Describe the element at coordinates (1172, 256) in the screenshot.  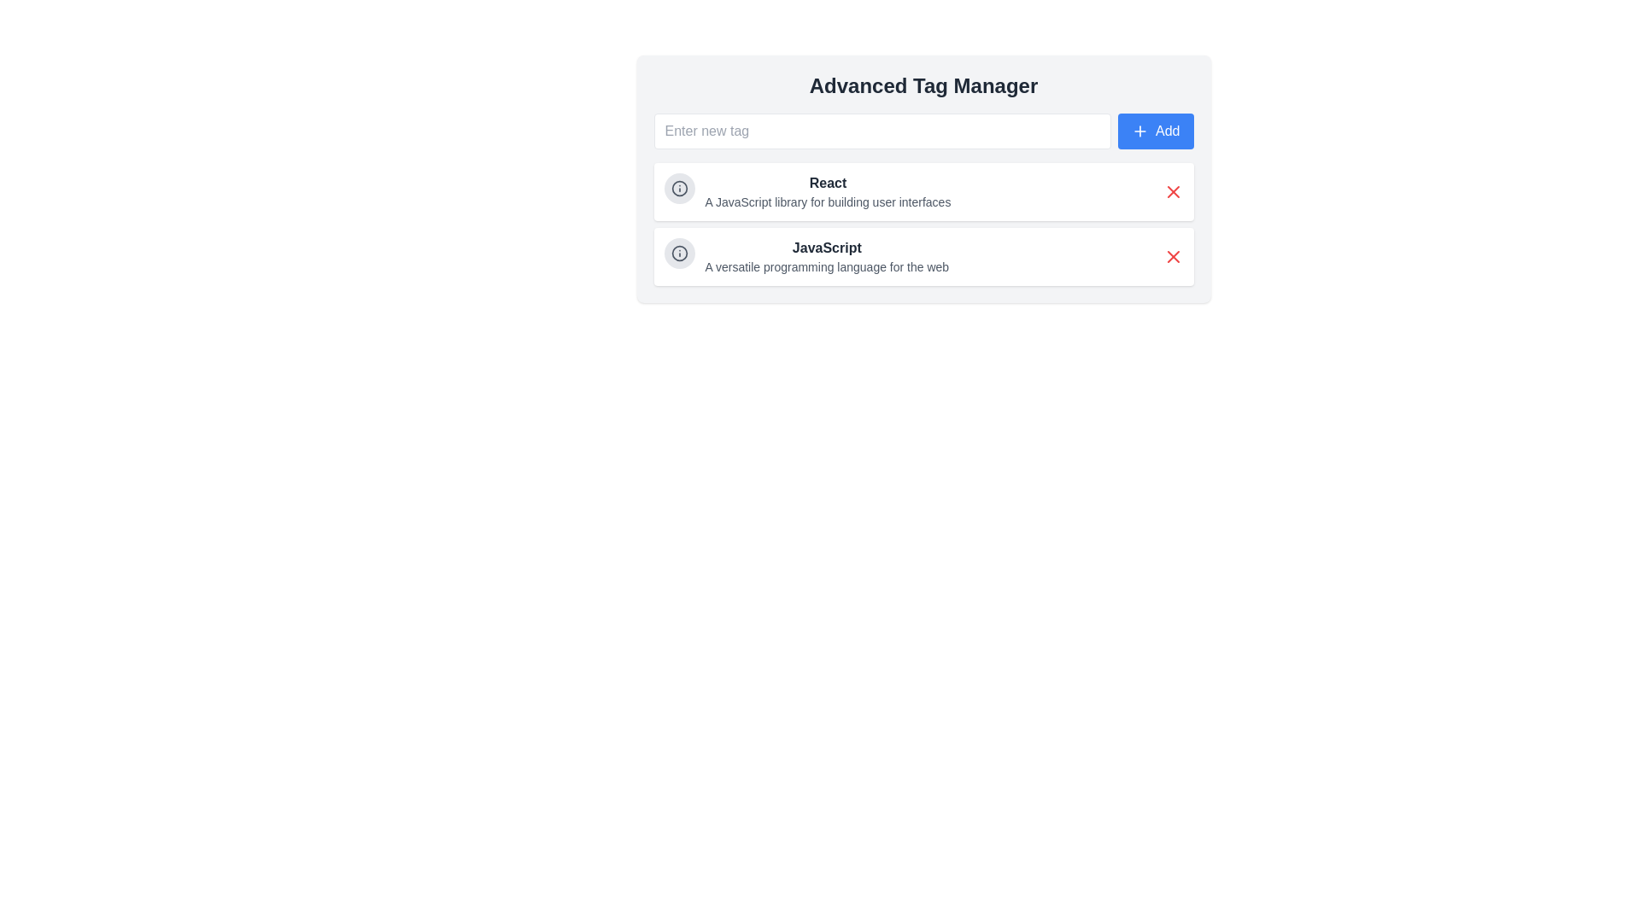
I see `the delete button associated with the tag 'JavaScript, A versatile programming language for the web'` at that location.